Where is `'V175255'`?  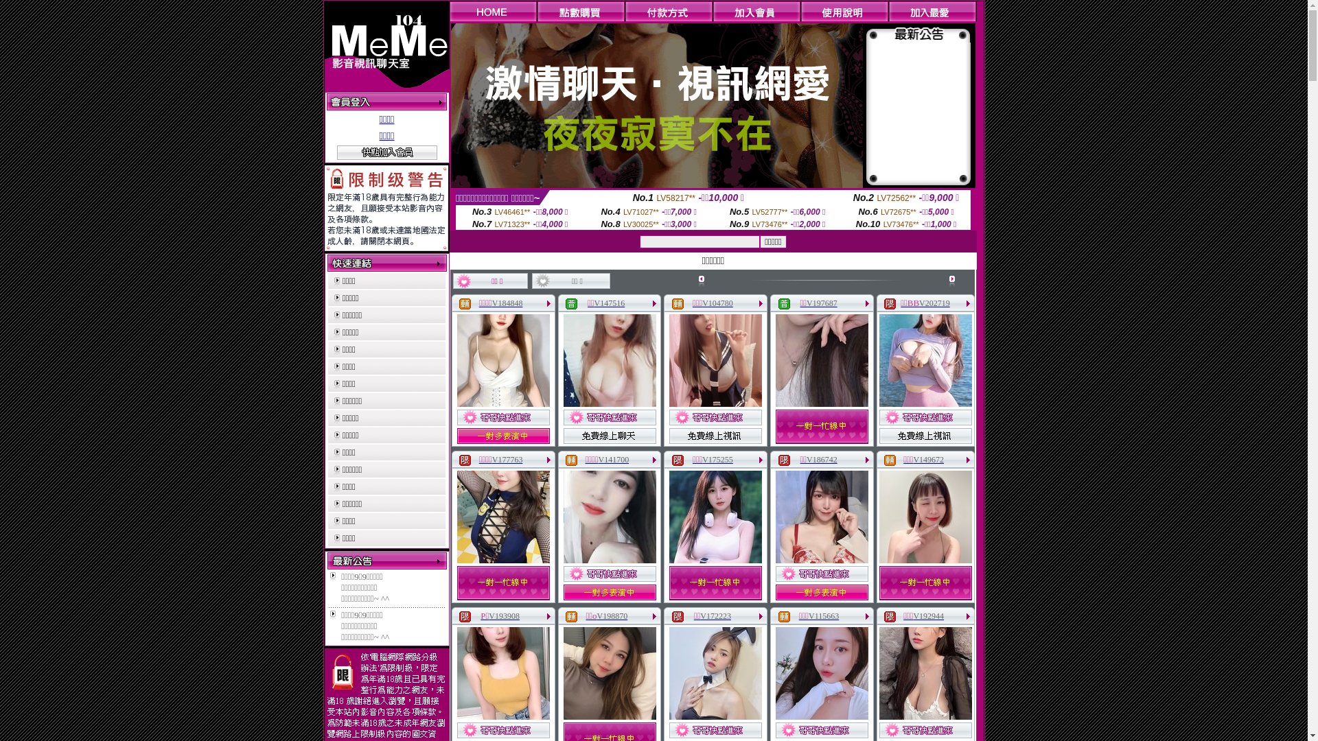
'V175255' is located at coordinates (717, 460).